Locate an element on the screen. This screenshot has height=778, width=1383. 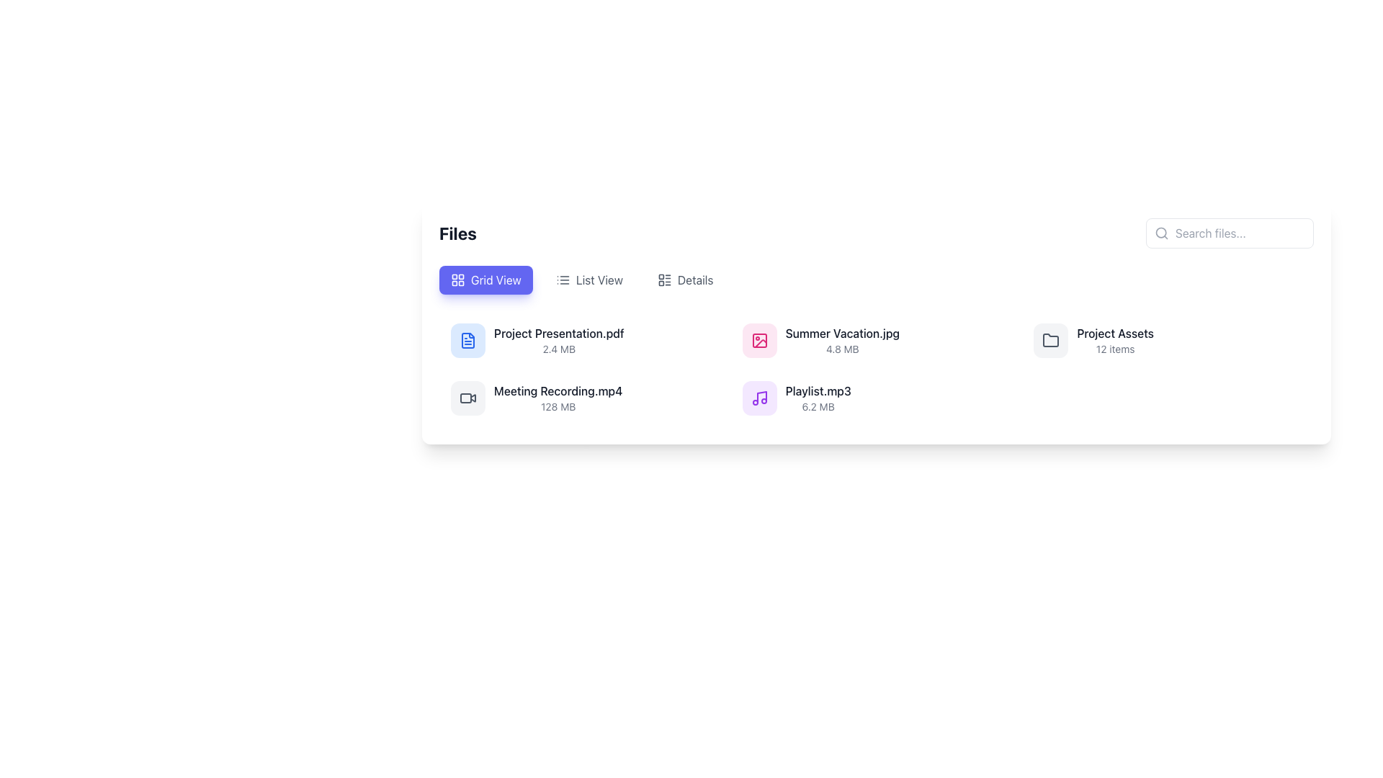
the 'List View' button, which is the second button in a horizontal row of three options, featuring an icon of three horizontal lines and gray text is located at coordinates (589, 280).